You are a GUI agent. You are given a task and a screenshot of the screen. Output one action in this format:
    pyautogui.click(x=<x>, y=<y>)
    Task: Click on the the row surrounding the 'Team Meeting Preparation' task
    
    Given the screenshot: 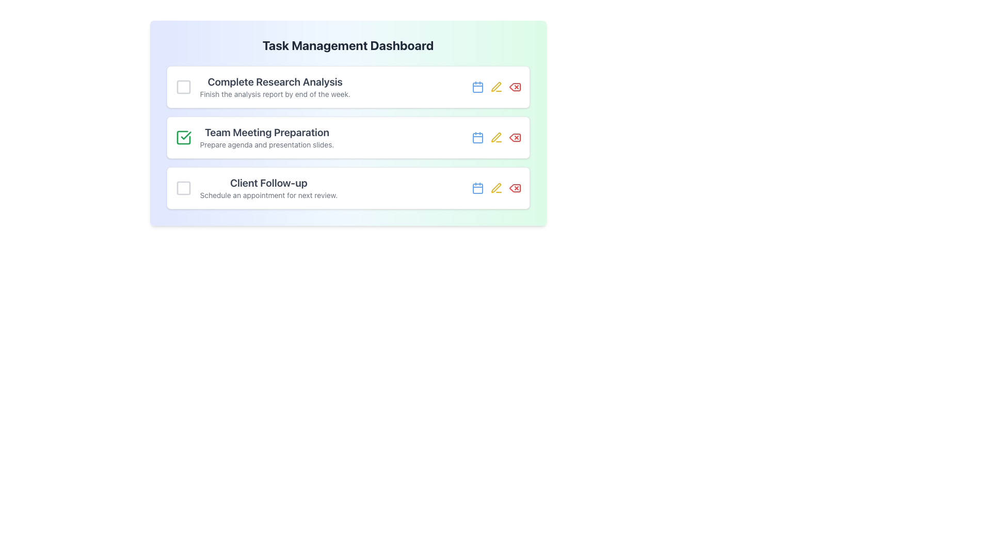 What is the action you would take?
    pyautogui.click(x=267, y=137)
    